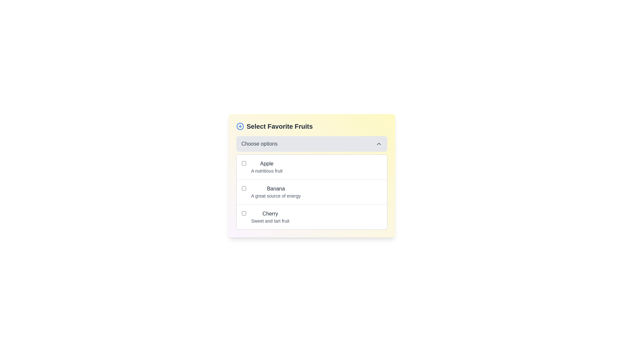  Describe the element at coordinates (311, 217) in the screenshot. I see `the checkbox group item labeled 'Cherry' in the 'Select Favorite Fruits' section` at that location.